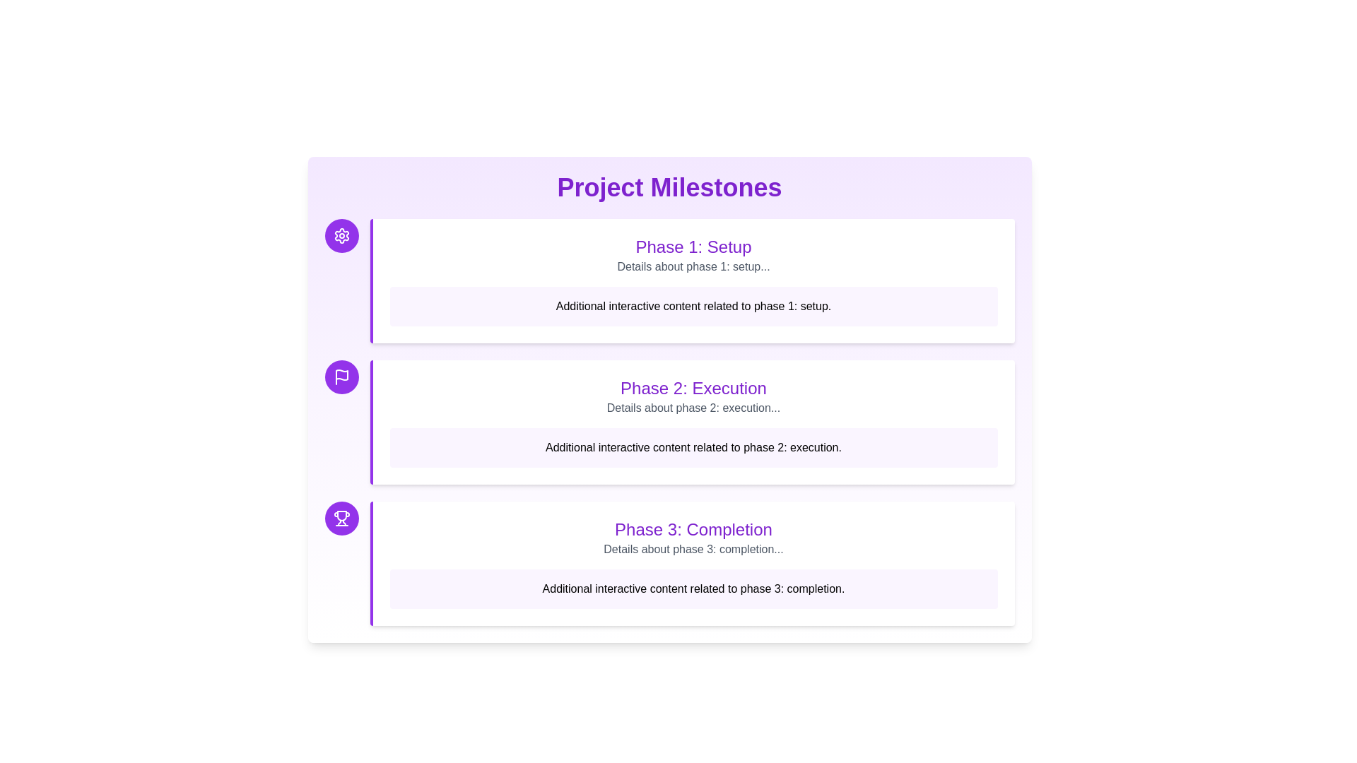  Describe the element at coordinates (341, 376) in the screenshot. I see `the circular icon button with a solid purple background and a white outline of a flag icon, located` at that location.